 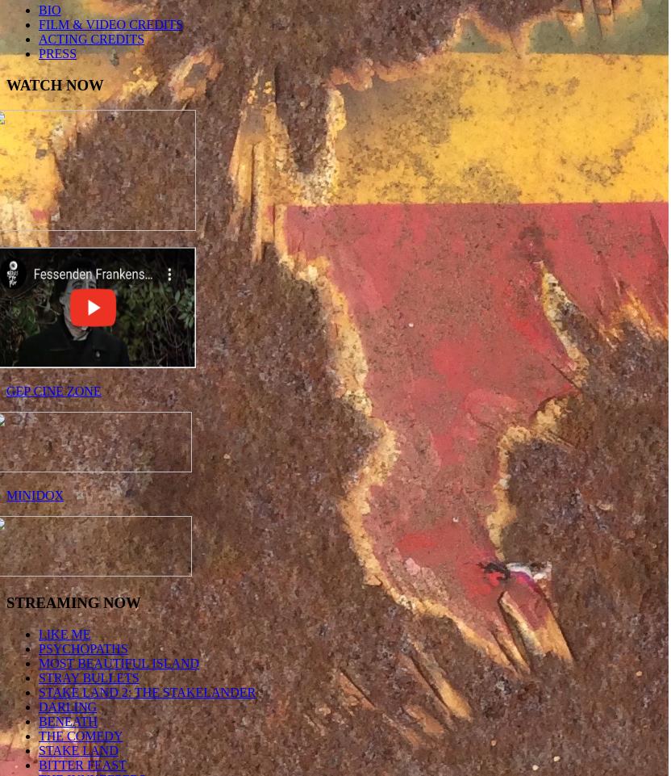 What do you see at coordinates (6, 390) in the screenshot?
I see `'GEP CINE ZONE'` at bounding box center [6, 390].